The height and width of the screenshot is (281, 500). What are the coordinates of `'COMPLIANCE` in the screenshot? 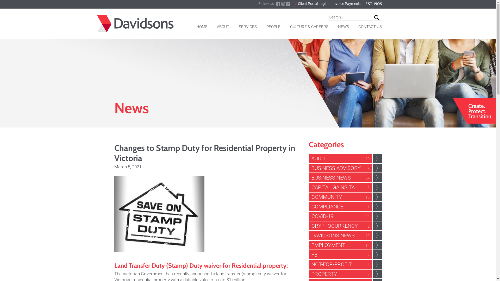 It's located at (345, 206).